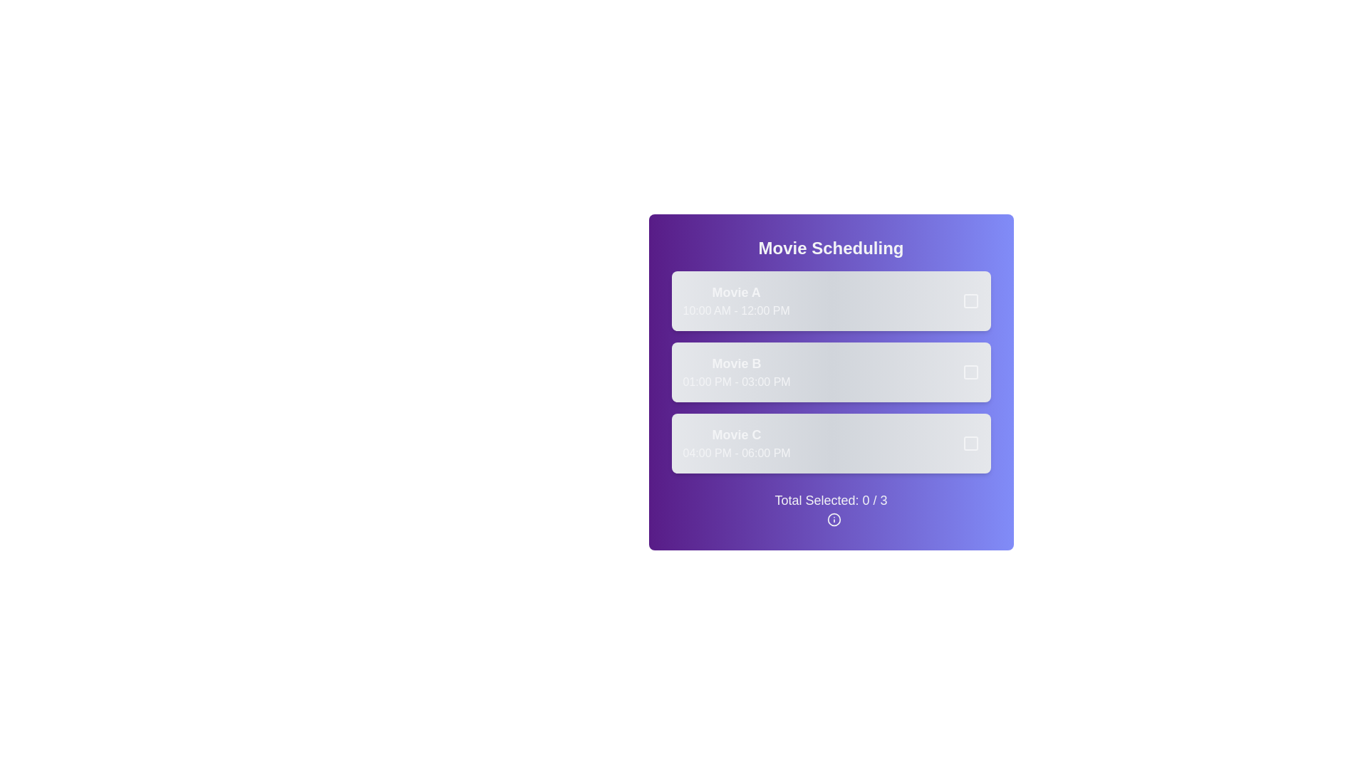  Describe the element at coordinates (962, 372) in the screenshot. I see `the box to select or deselect the movie schedule for Movie B` at that location.